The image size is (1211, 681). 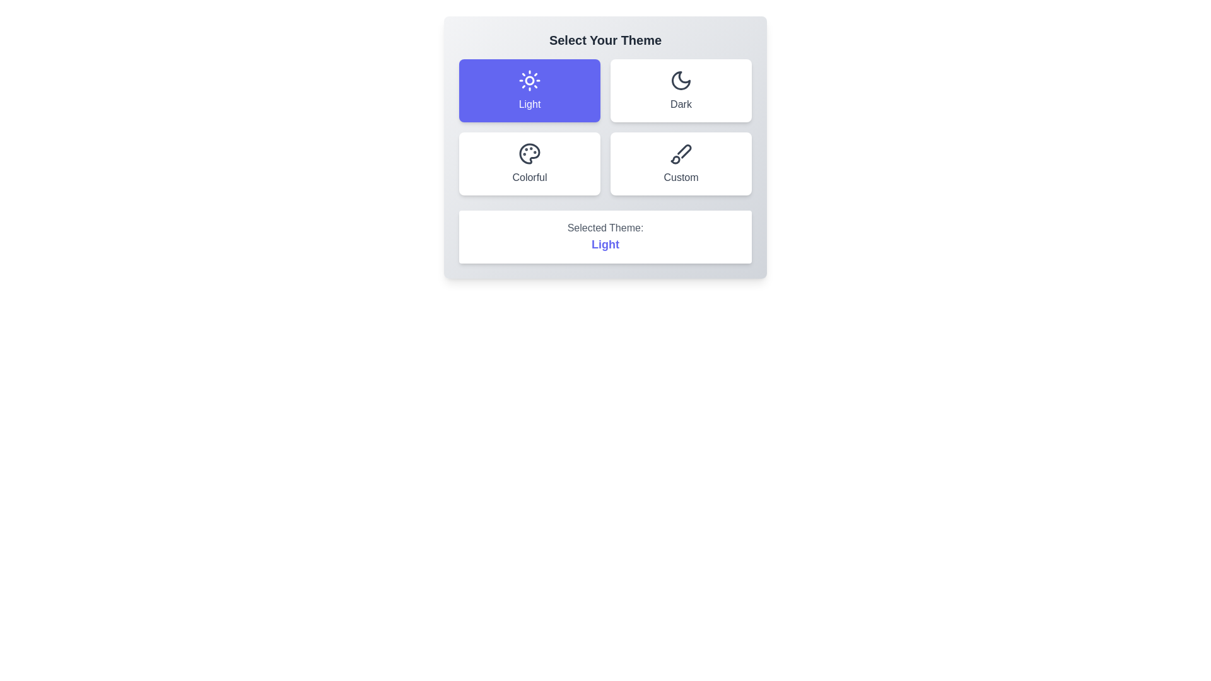 What do you see at coordinates (681, 163) in the screenshot?
I see `the theme button labeled Custom to observe the hover effect` at bounding box center [681, 163].